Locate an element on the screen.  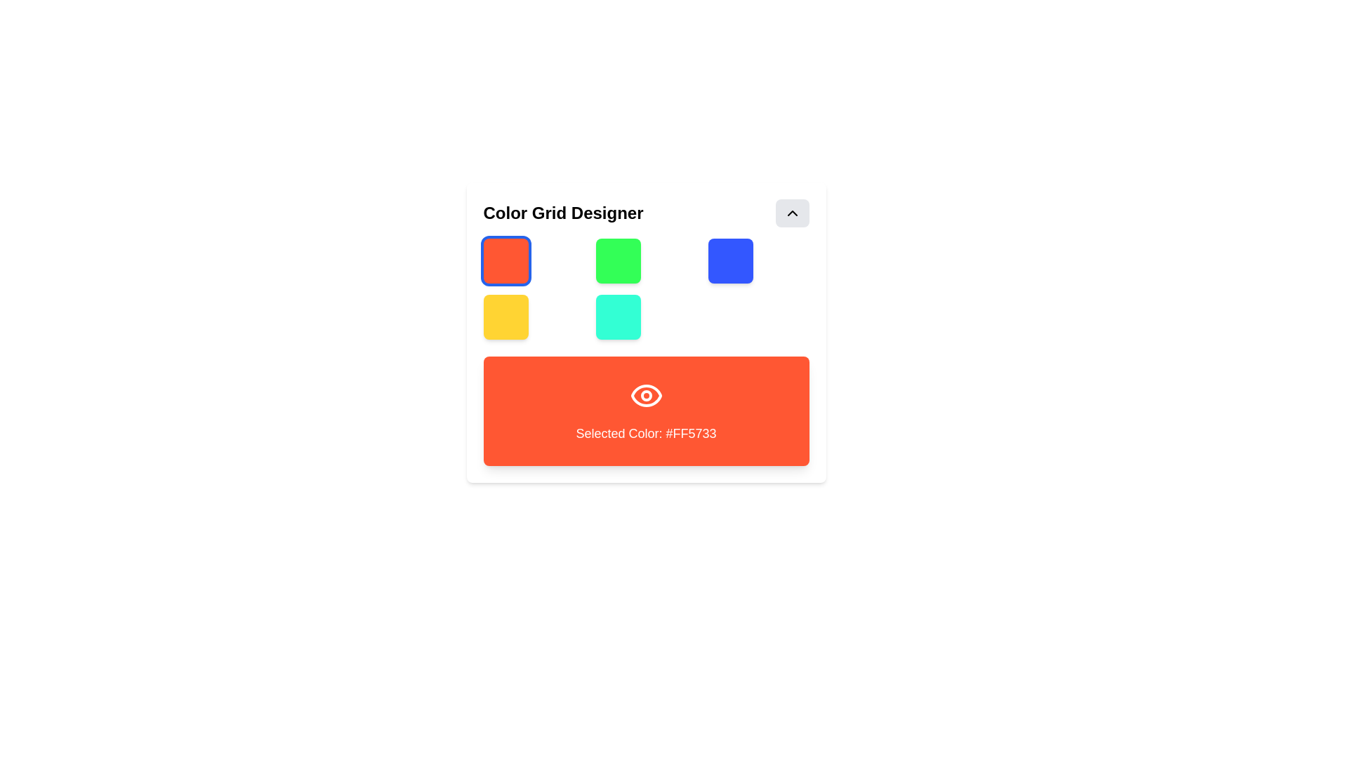
the small blue color selection square located in the third column of the first row within the 'Color Grid Designer' grid is located at coordinates (730, 260).